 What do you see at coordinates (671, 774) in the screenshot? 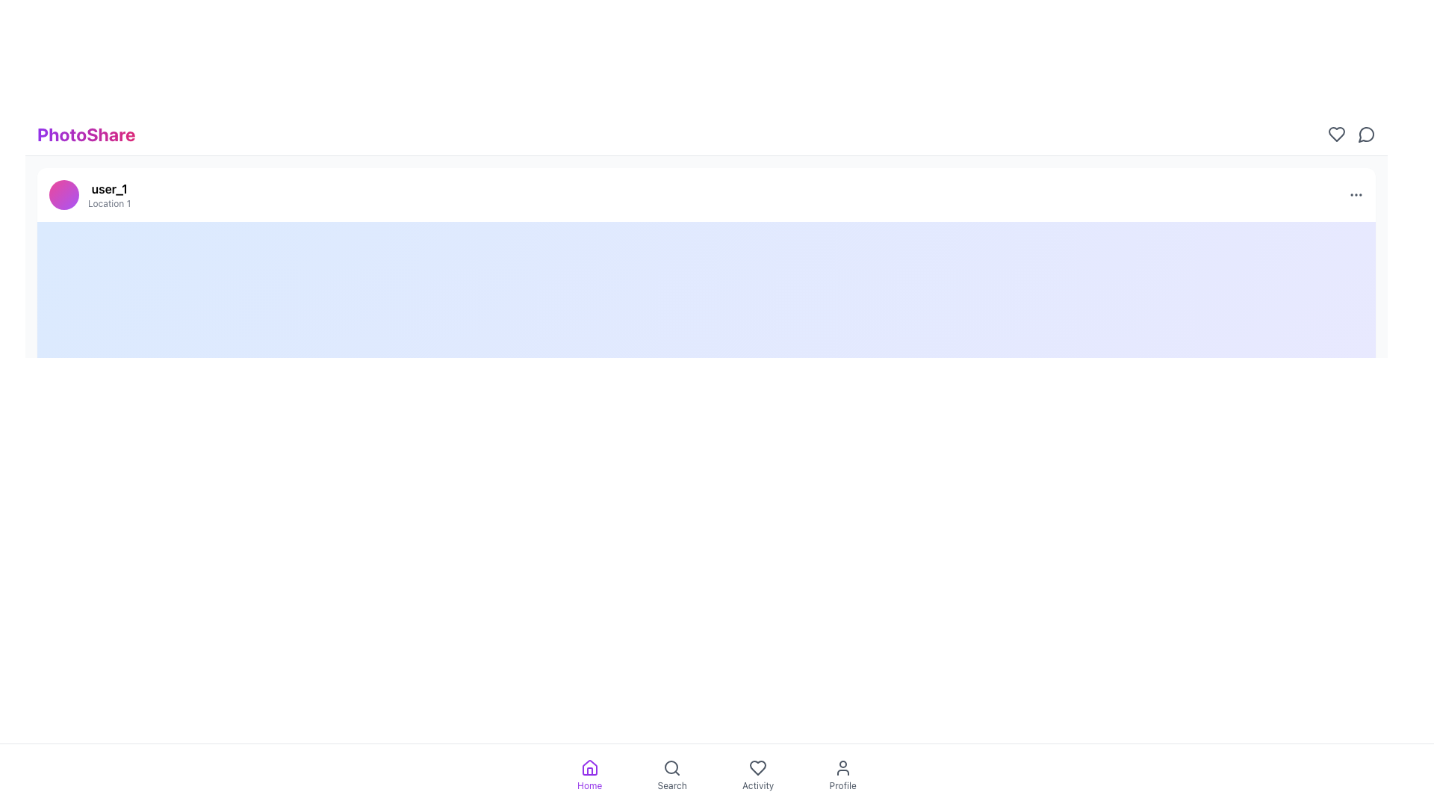
I see `the button located in the bottom horizontal menu bar, which is the second item from the left` at bounding box center [671, 774].